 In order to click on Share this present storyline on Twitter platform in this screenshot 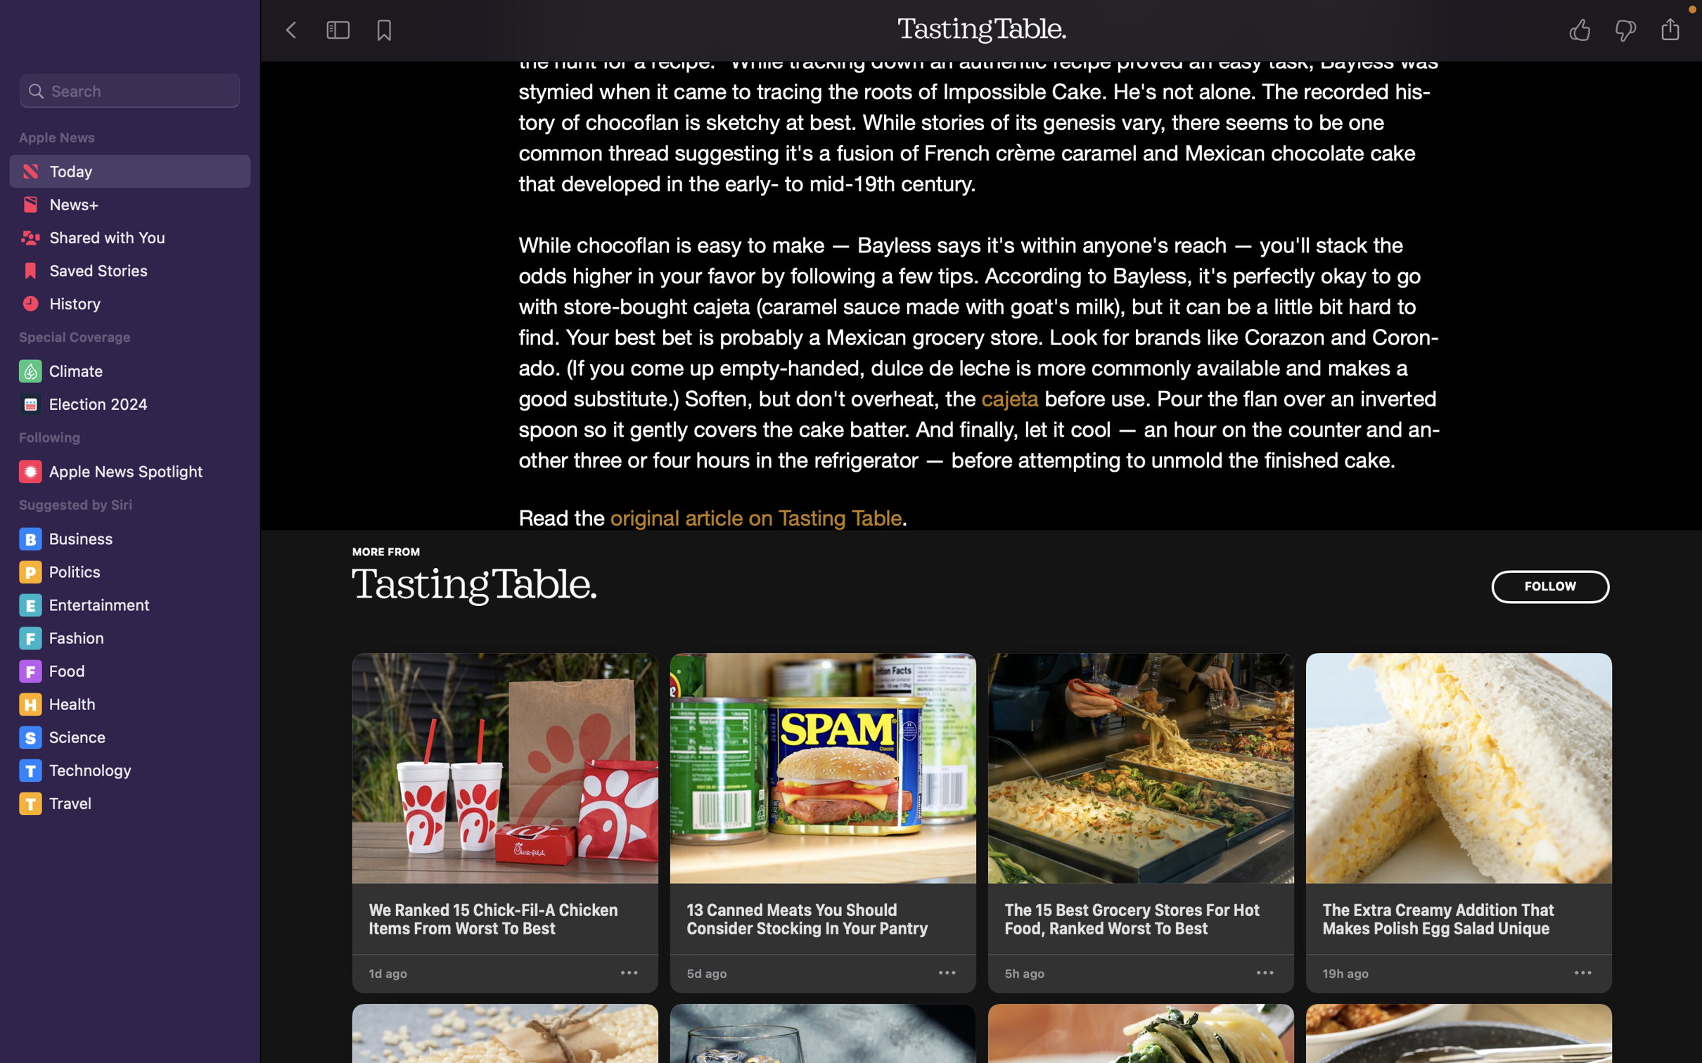, I will do `click(1675, 29)`.